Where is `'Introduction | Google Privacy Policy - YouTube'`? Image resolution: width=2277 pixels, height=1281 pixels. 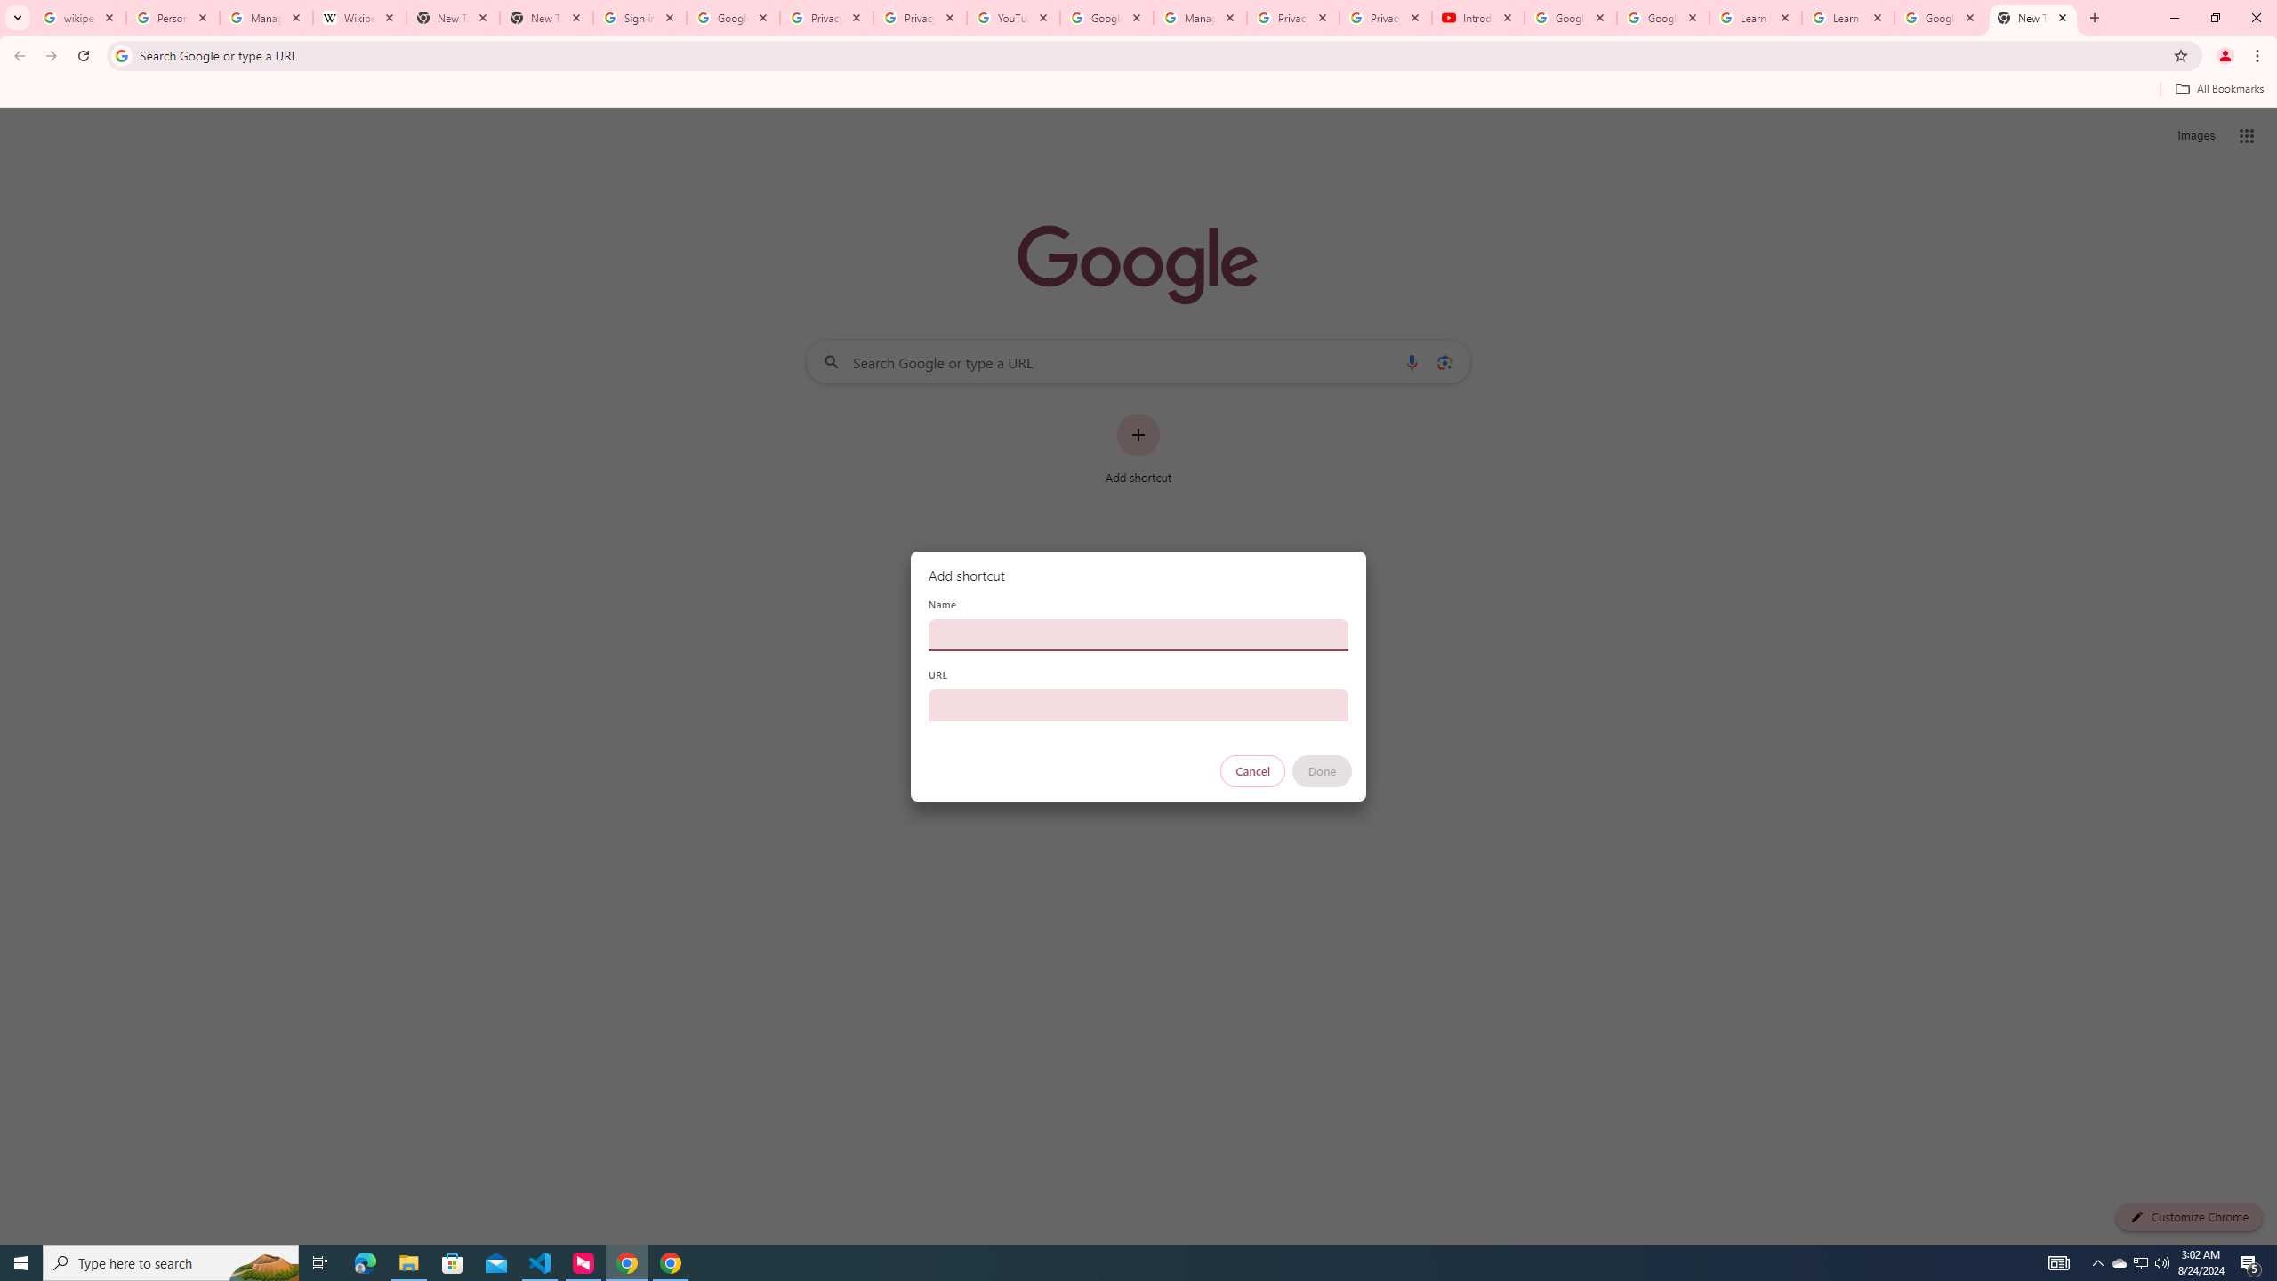
'Introduction | Google Privacy Policy - YouTube' is located at coordinates (1476, 17).